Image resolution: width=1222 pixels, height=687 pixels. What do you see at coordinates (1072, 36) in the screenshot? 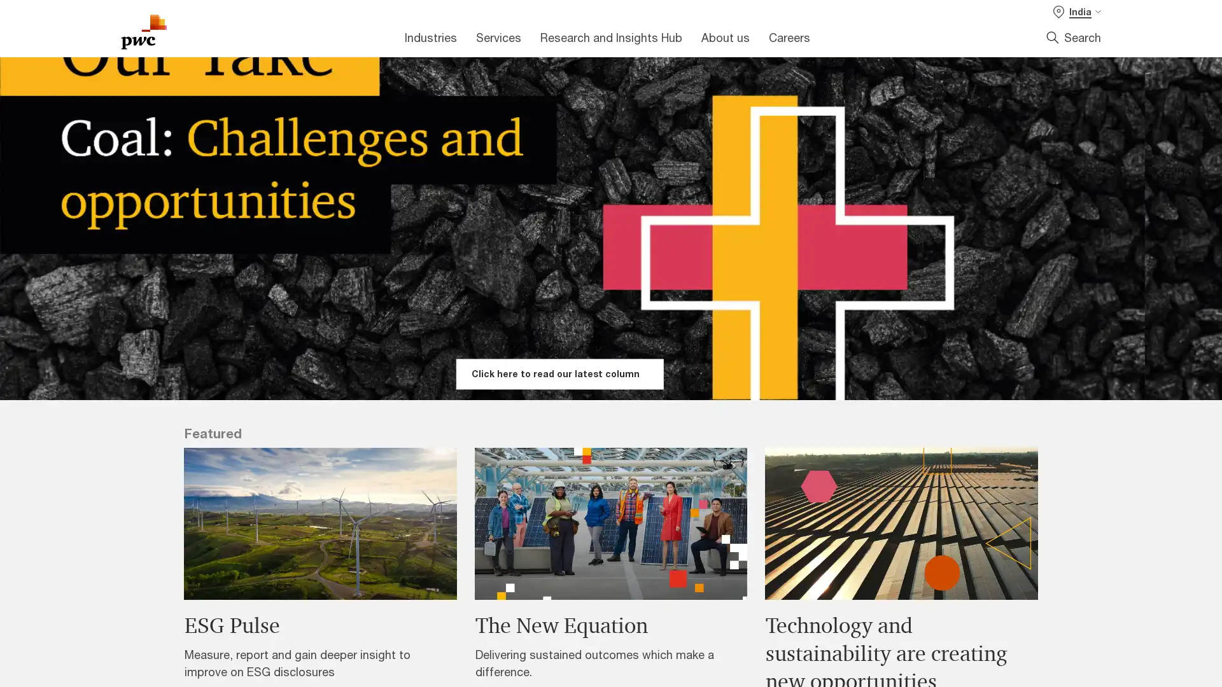
I see `Search` at bounding box center [1072, 36].